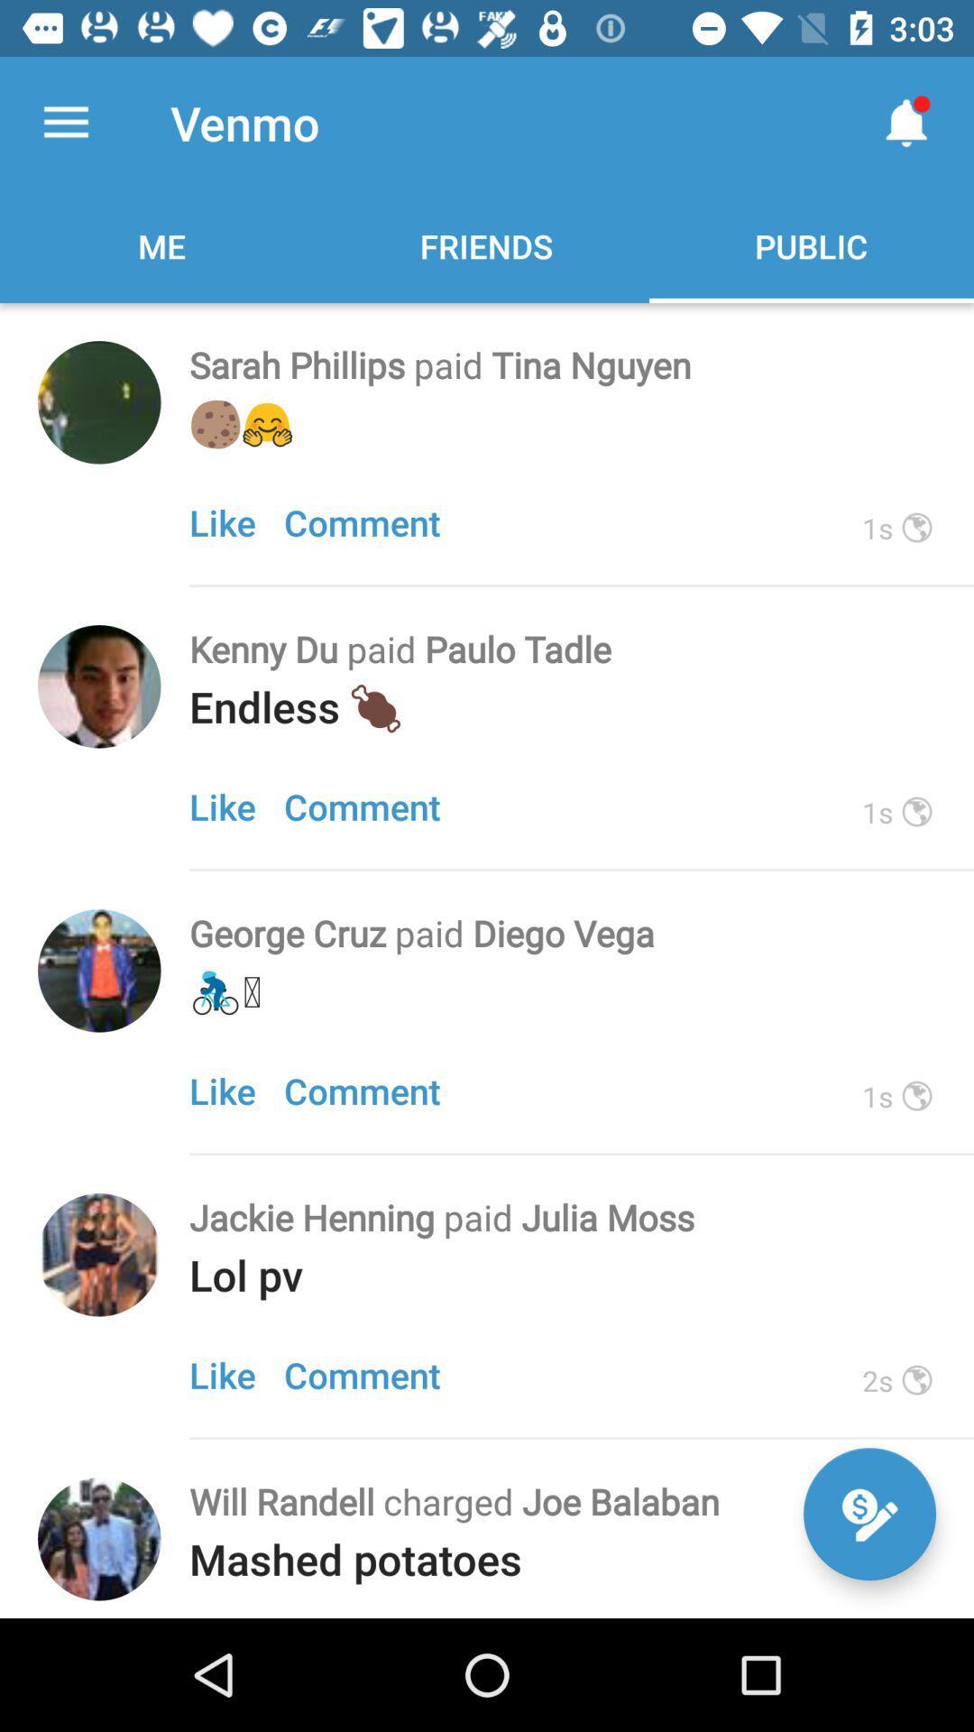 Image resolution: width=974 pixels, height=1732 pixels. What do you see at coordinates (99, 1538) in the screenshot?
I see `person avatar` at bounding box center [99, 1538].